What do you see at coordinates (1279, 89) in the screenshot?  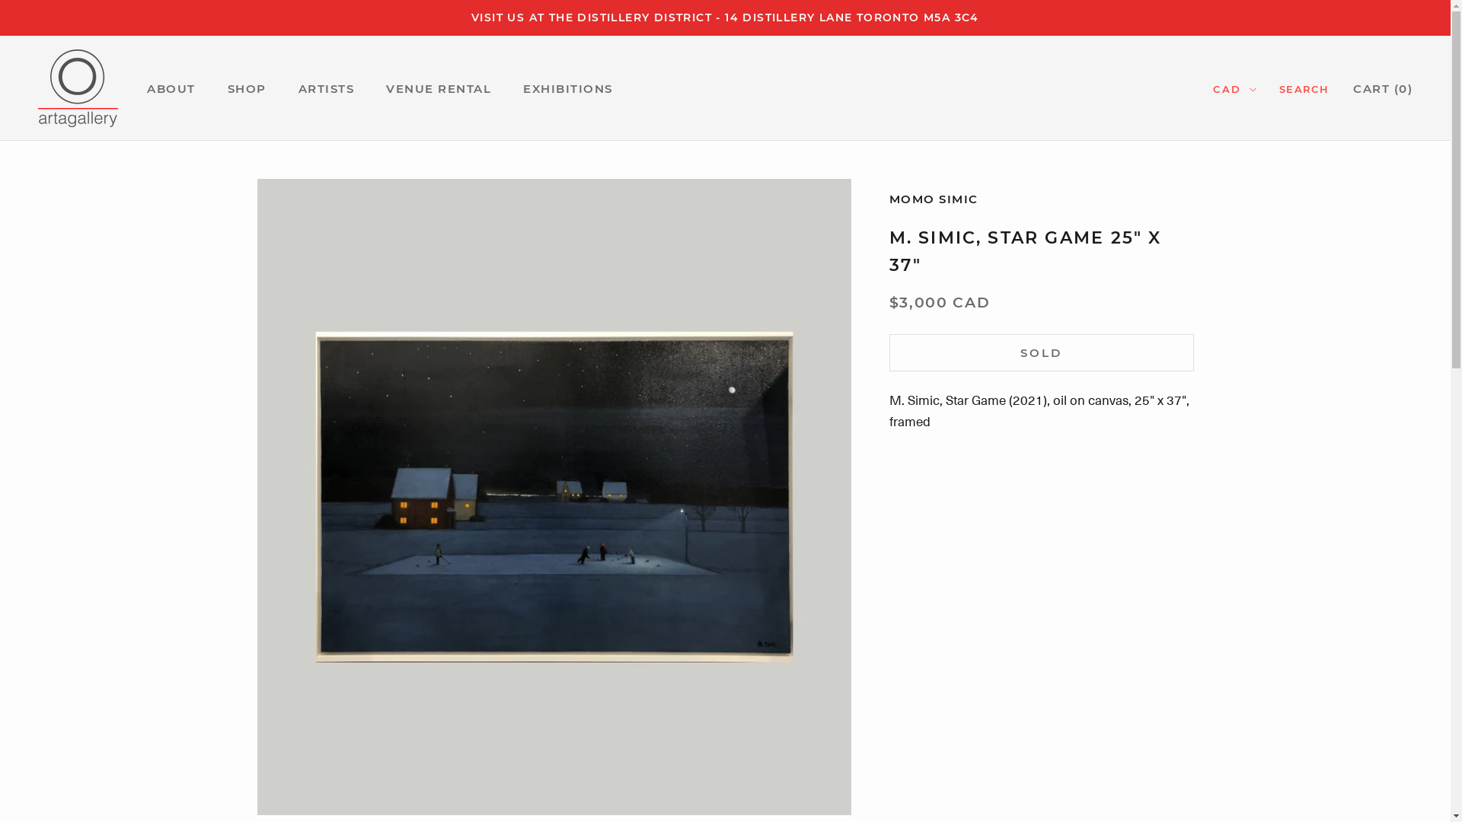 I see `'SEARCH'` at bounding box center [1279, 89].